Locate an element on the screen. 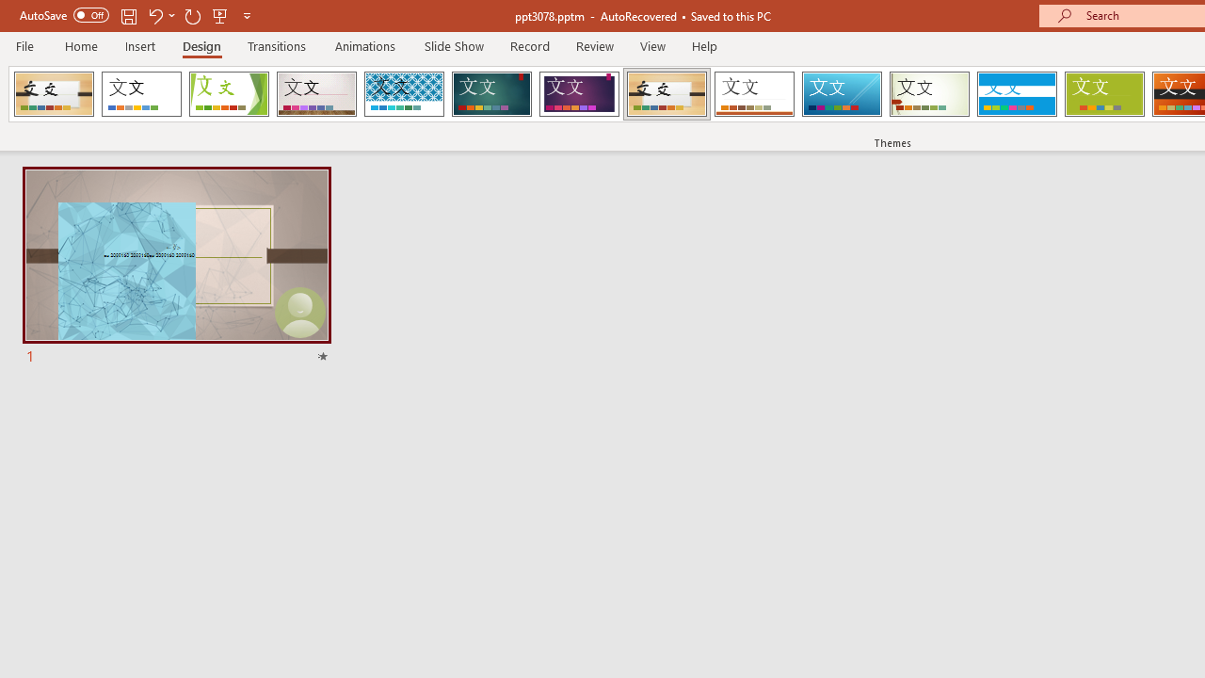 The height and width of the screenshot is (678, 1205). 'Organic' is located at coordinates (667, 94).